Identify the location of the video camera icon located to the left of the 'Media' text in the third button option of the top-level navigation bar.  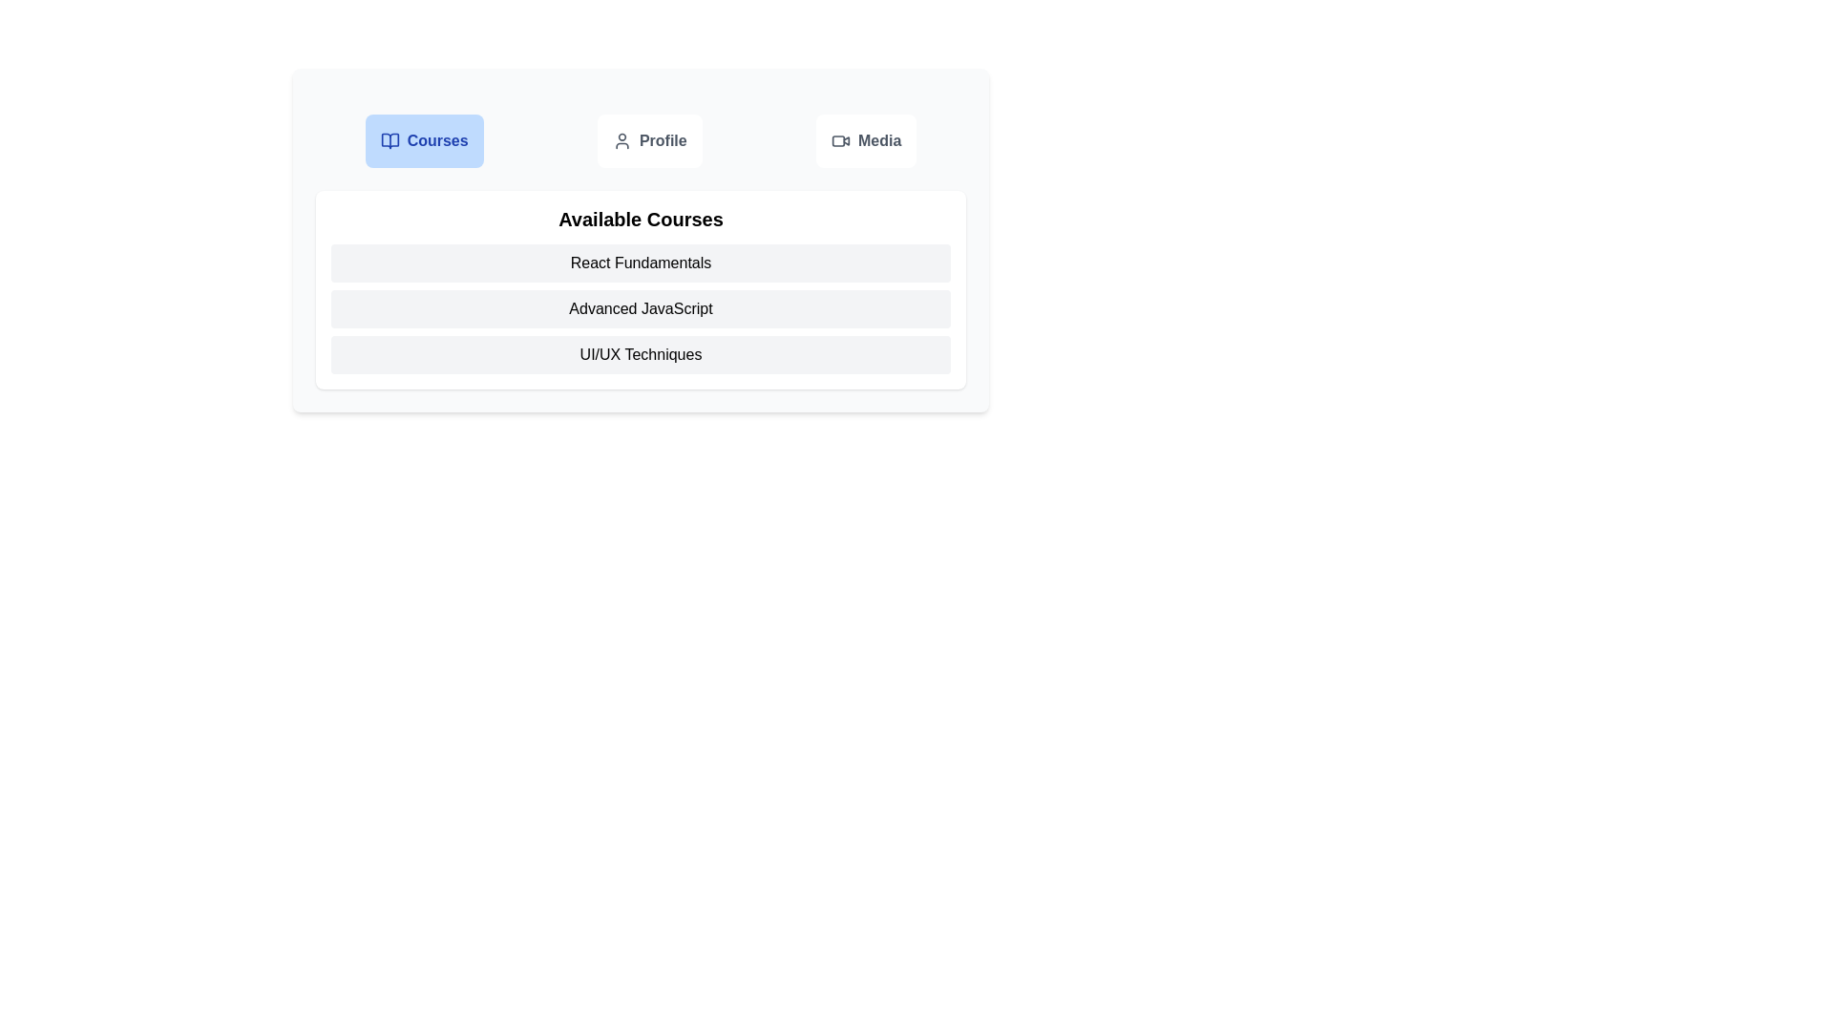
(840, 139).